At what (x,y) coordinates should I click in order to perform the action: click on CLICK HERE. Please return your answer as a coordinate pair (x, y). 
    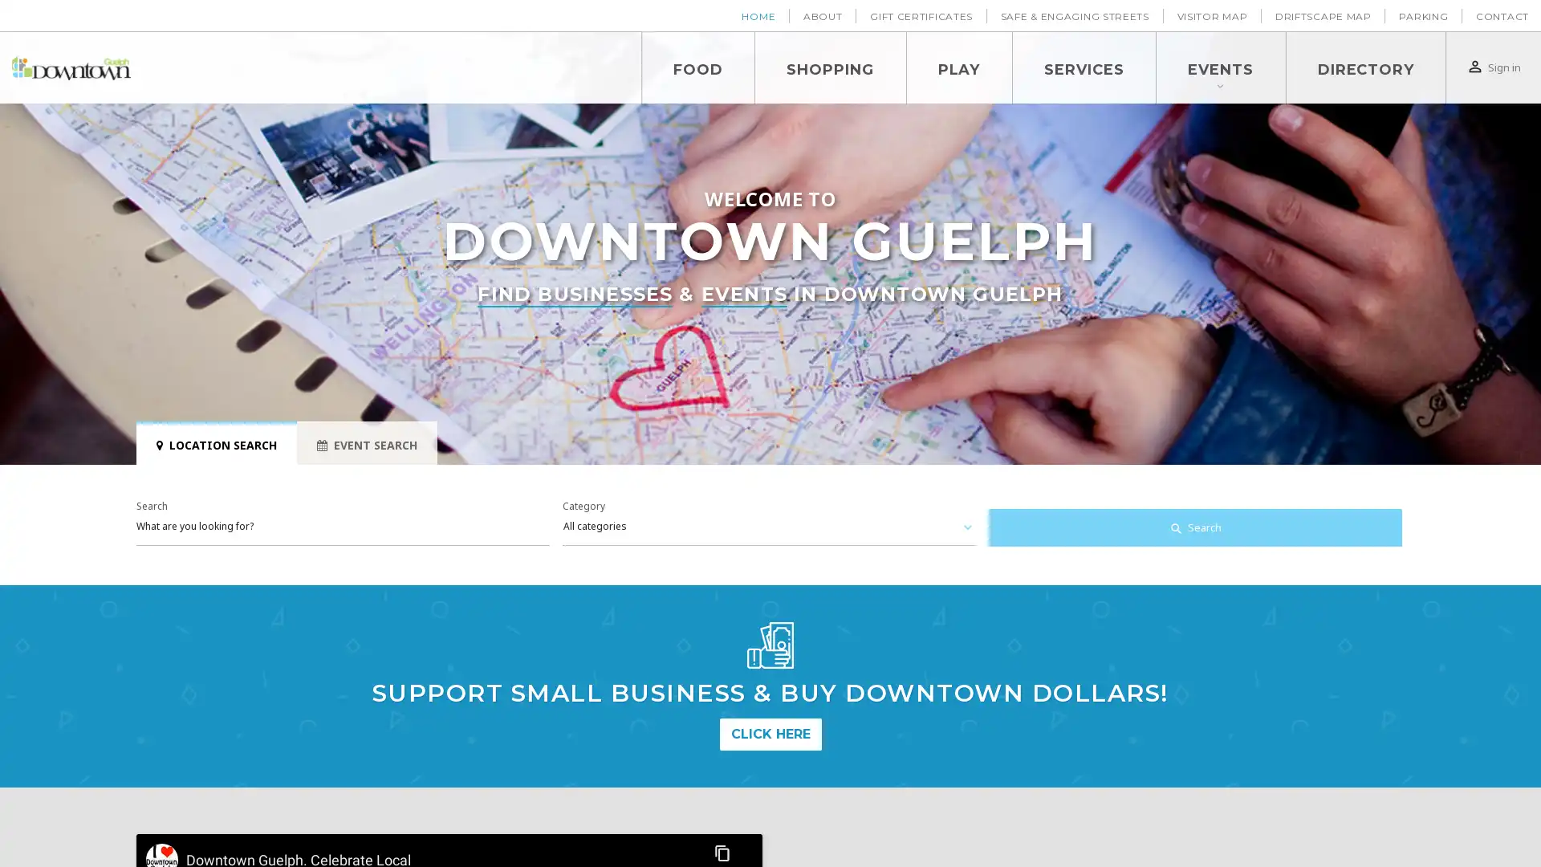
    Looking at the image, I should click on (769, 734).